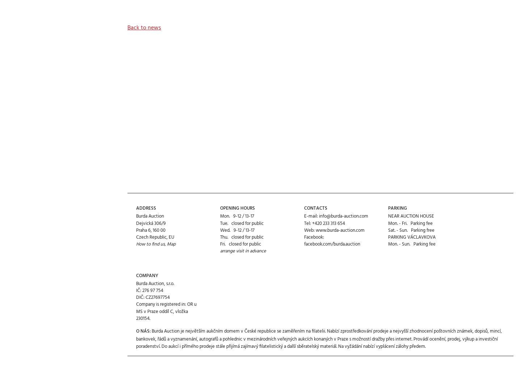  What do you see at coordinates (155, 210) in the screenshot?
I see `'Czech Republic, EU'` at bounding box center [155, 210].